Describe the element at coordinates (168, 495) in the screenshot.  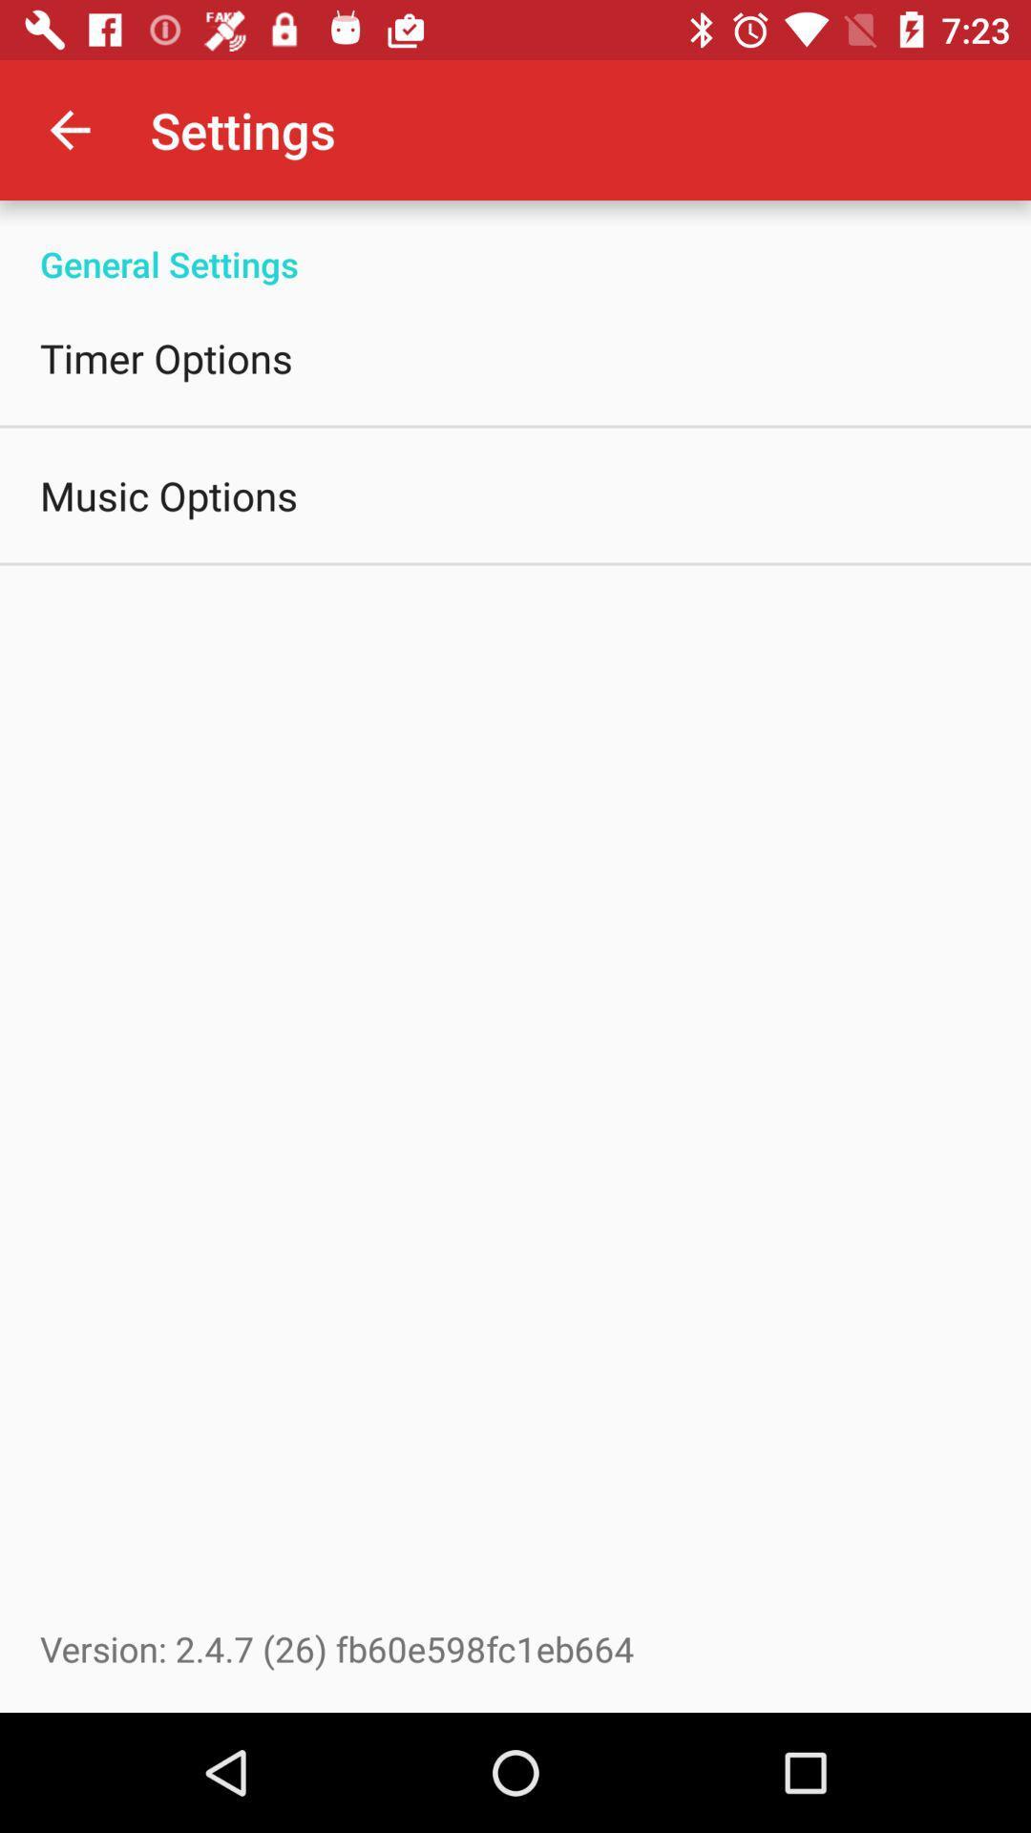
I see `icon above the version 2 4 icon` at that location.